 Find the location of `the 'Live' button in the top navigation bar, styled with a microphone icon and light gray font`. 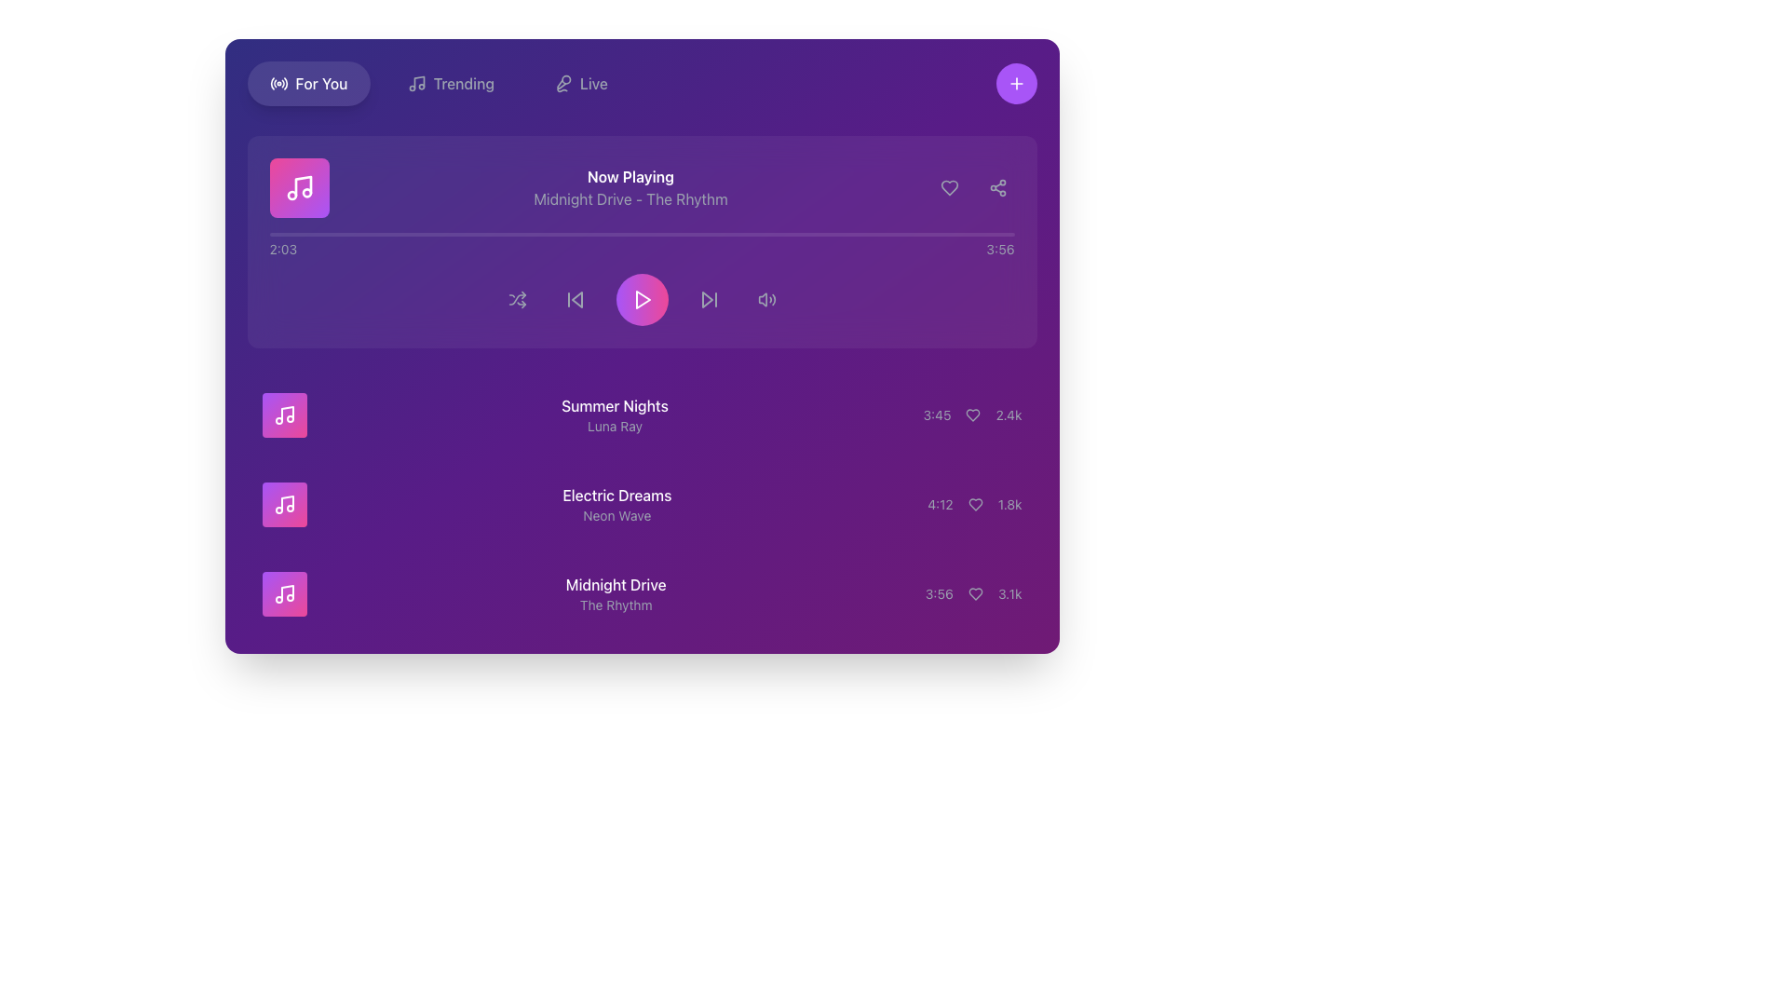

the 'Live' button in the top navigation bar, styled with a microphone icon and light gray font is located at coordinates (580, 82).